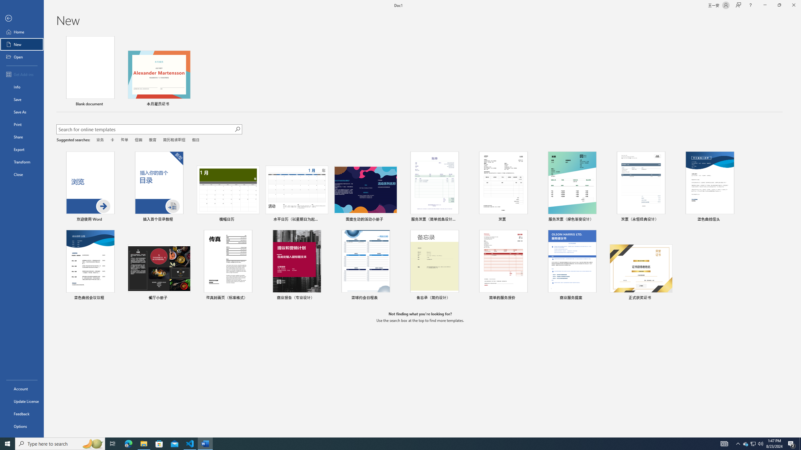 The width and height of the screenshot is (801, 450). I want to click on 'Info', so click(22, 86).